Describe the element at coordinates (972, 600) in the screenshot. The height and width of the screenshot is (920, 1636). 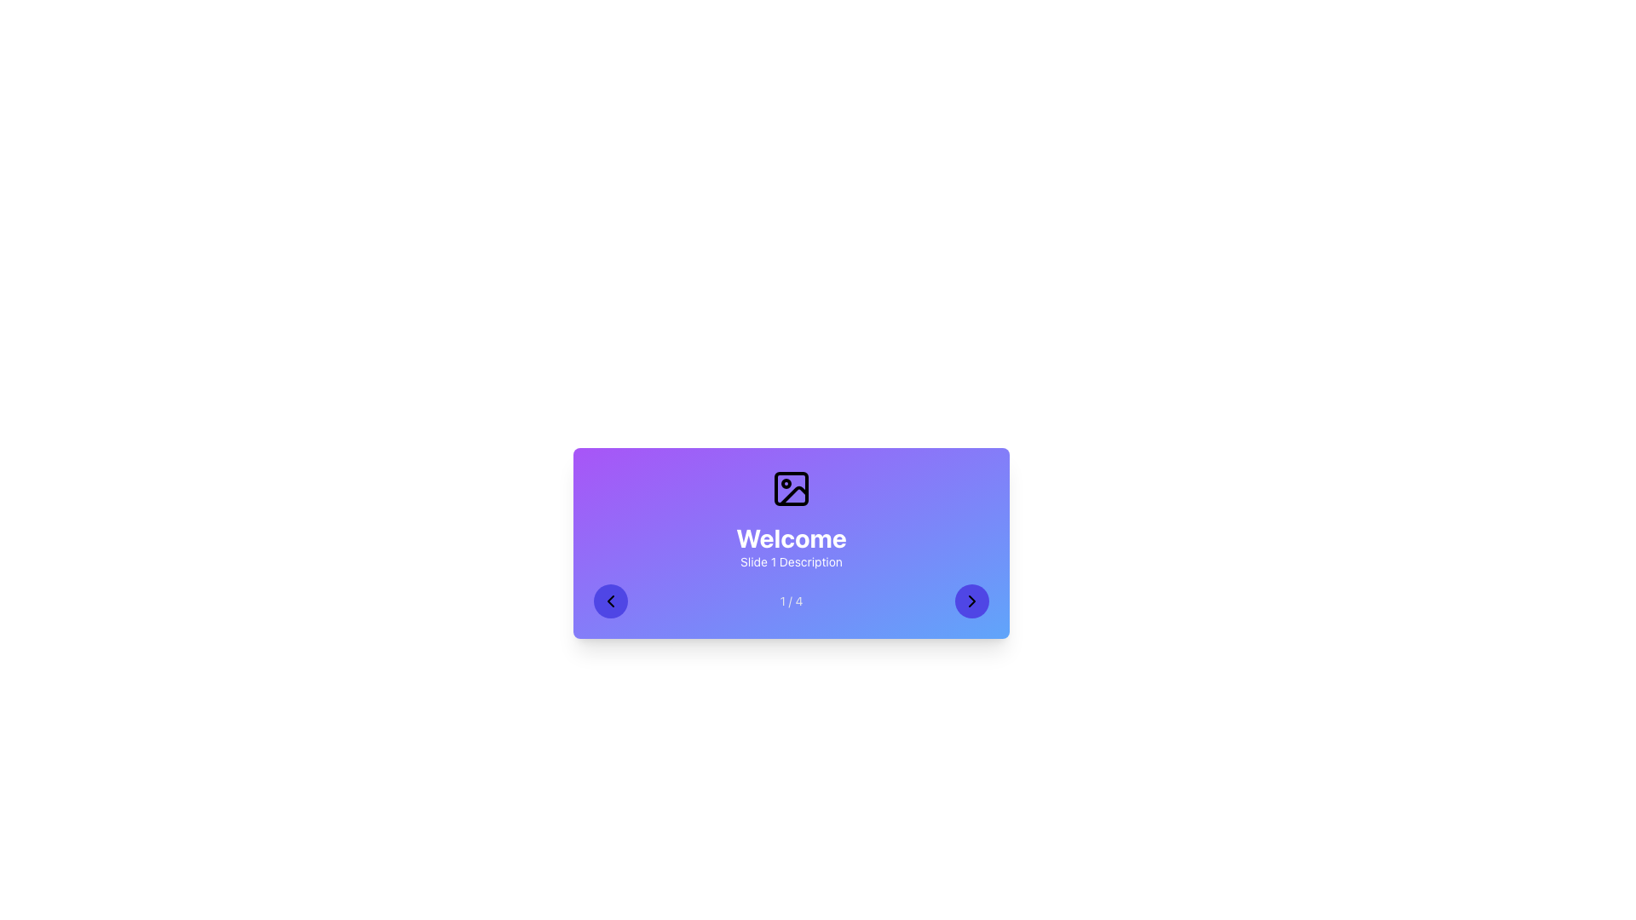
I see `the chevron icon located in the circular button at the bottom-right corner of the card interface` at that location.